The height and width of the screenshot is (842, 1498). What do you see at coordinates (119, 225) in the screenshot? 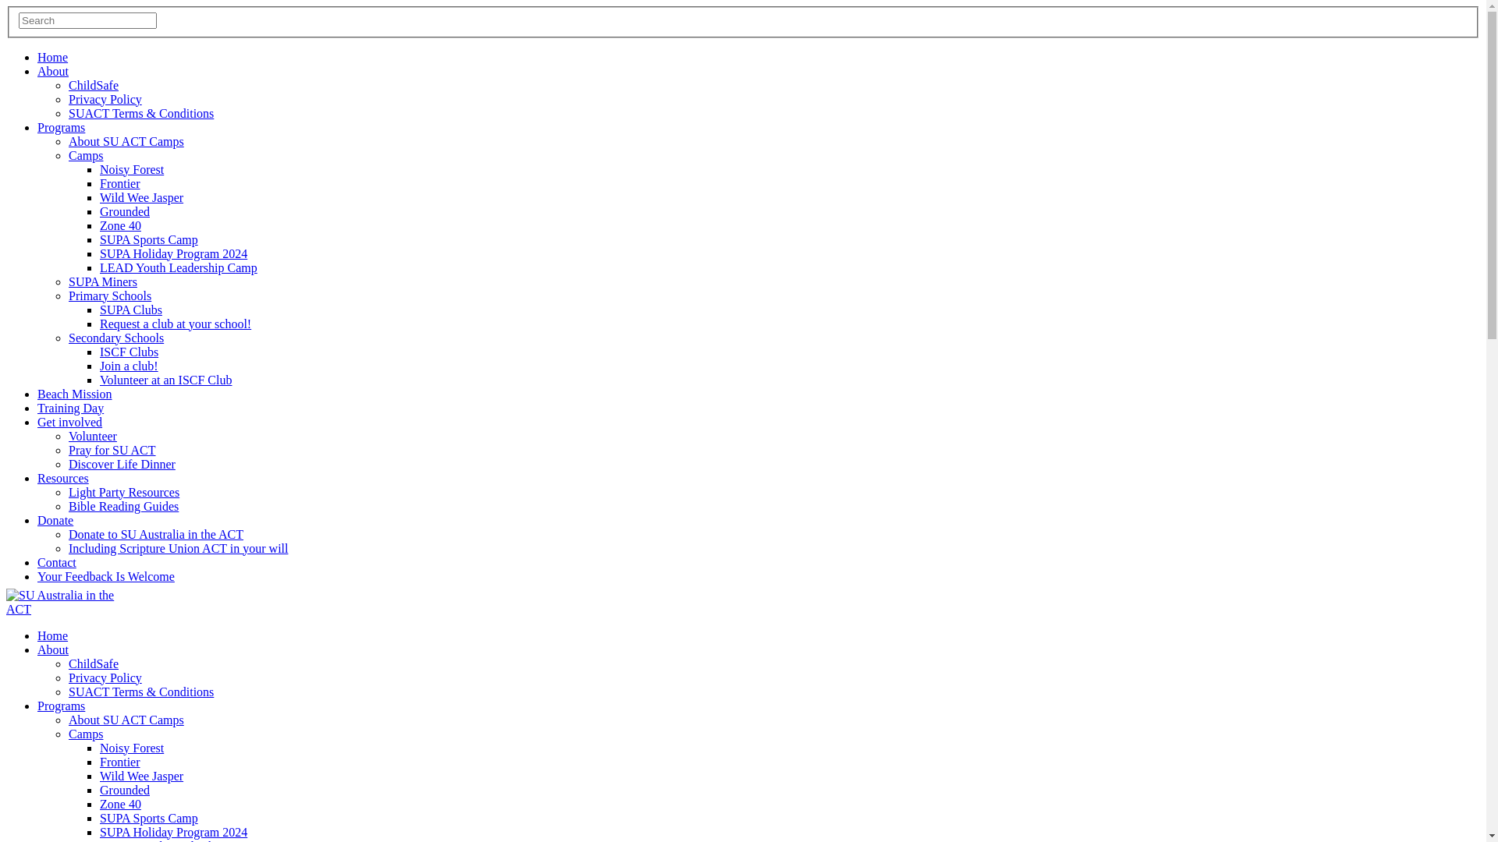
I see `'Zone 40'` at bounding box center [119, 225].